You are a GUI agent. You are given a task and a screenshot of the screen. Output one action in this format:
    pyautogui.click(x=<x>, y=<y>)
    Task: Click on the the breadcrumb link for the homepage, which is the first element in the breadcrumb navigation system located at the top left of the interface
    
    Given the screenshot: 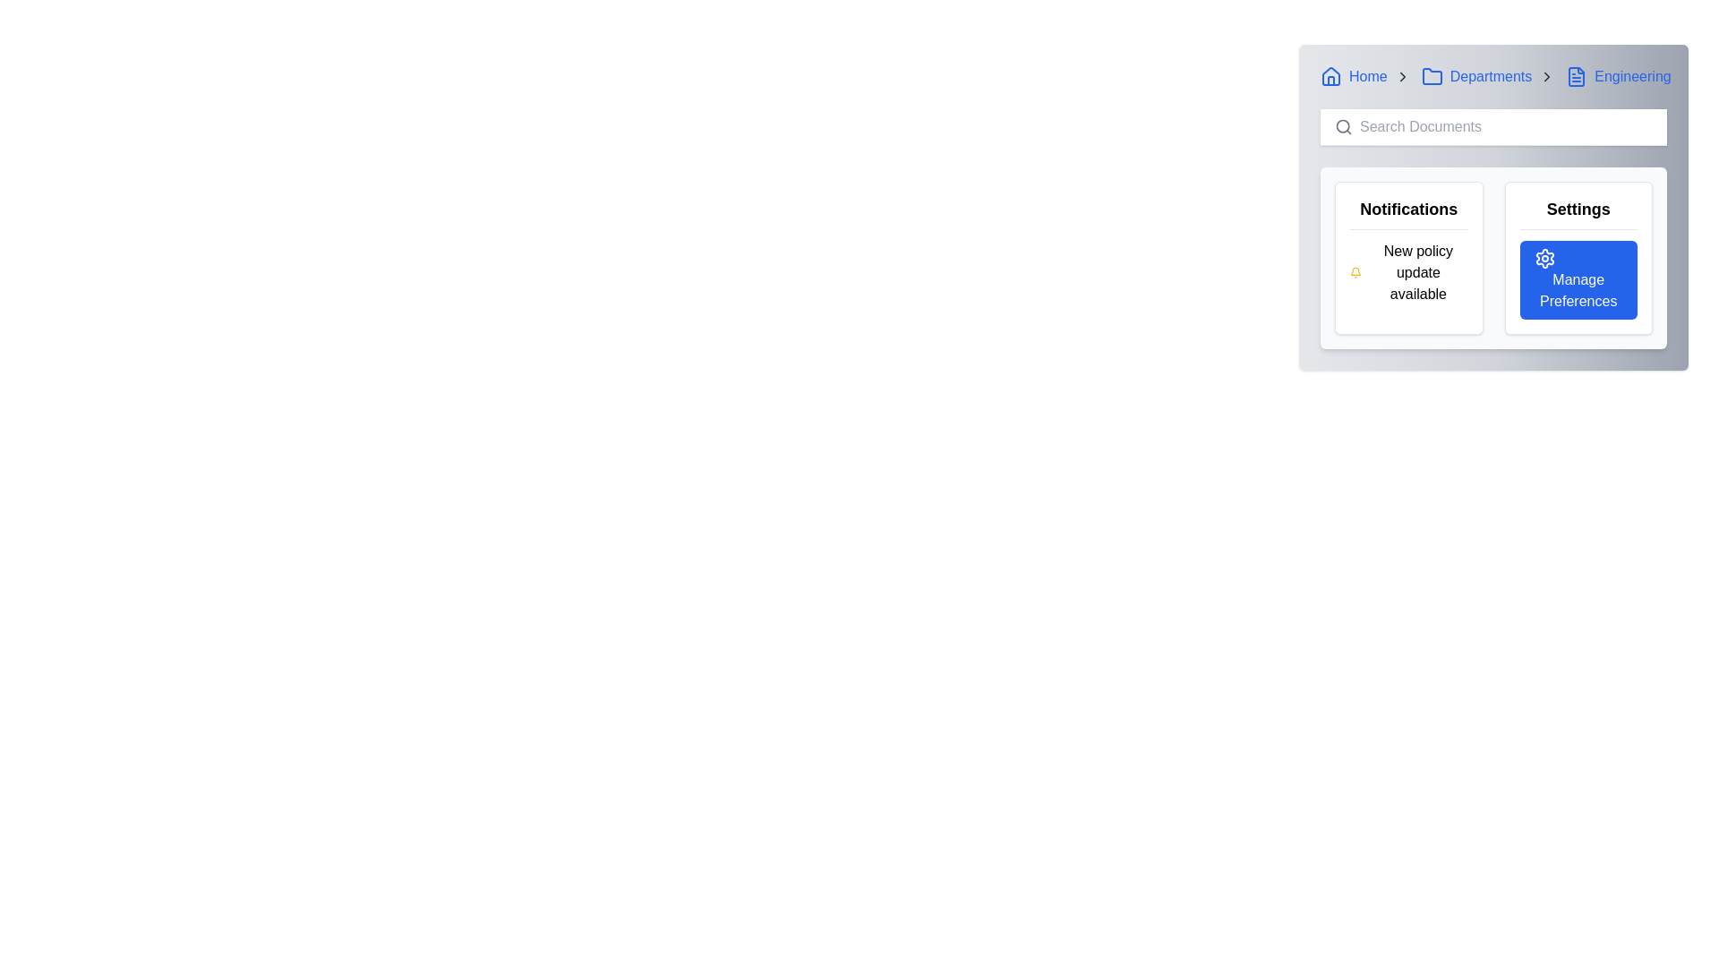 What is the action you would take?
    pyautogui.click(x=1364, y=75)
    